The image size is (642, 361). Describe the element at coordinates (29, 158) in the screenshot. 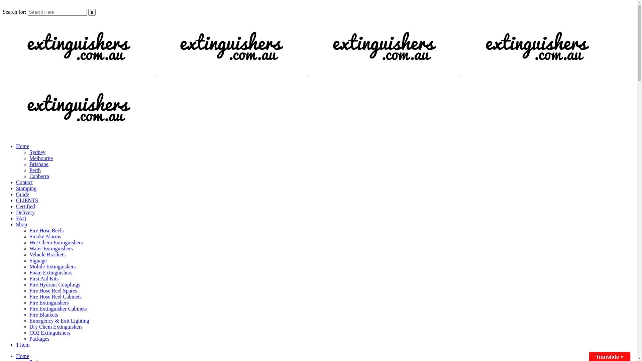

I see `'Melbourne'` at that location.